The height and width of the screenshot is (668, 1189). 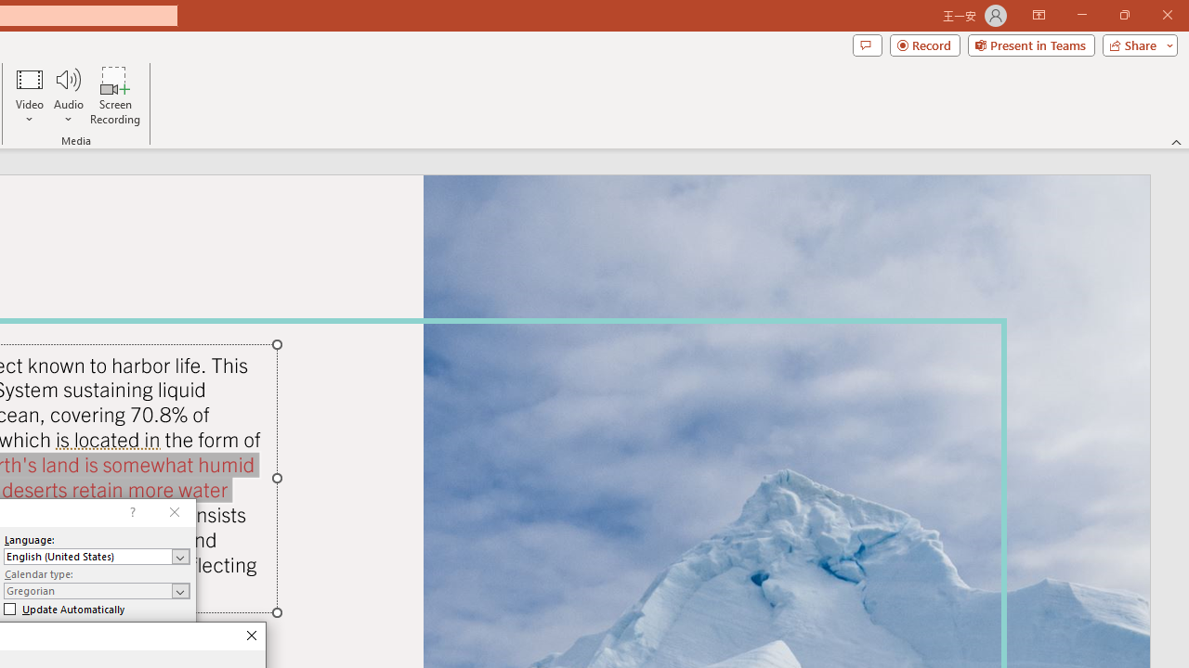 What do you see at coordinates (30, 96) in the screenshot?
I see `'Video'` at bounding box center [30, 96].